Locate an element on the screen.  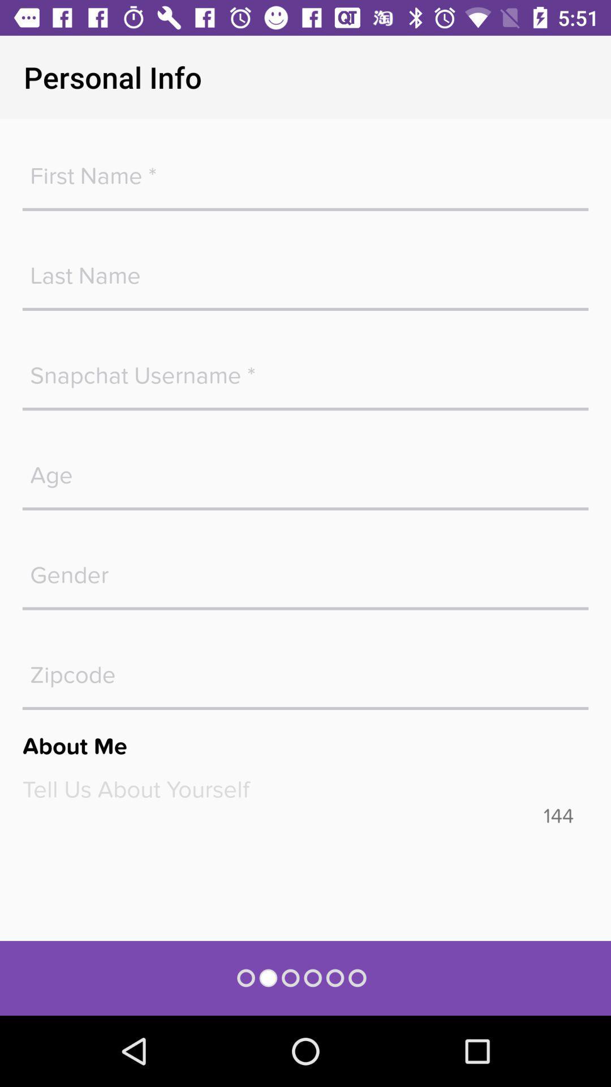
your age is located at coordinates (305, 469).